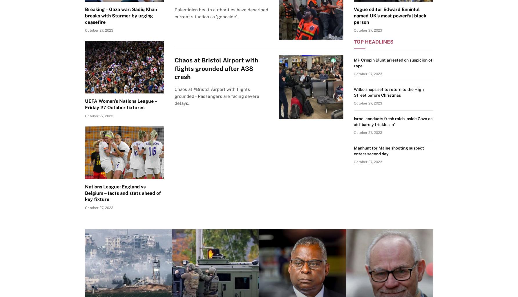  Describe the element at coordinates (389, 92) in the screenshot. I see `'Wilko shops set to return to the High Street before Christmas'` at that location.